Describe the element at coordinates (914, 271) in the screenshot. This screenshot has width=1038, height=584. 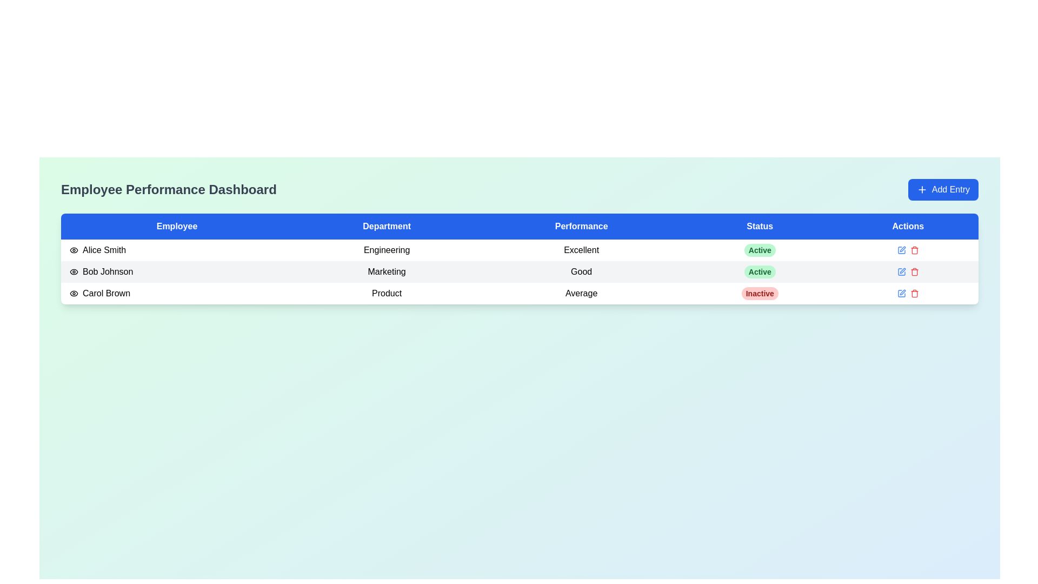
I see `the delete icon` at that location.